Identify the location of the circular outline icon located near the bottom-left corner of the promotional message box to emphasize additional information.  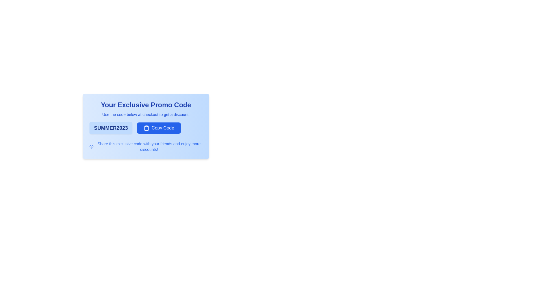
(91, 146).